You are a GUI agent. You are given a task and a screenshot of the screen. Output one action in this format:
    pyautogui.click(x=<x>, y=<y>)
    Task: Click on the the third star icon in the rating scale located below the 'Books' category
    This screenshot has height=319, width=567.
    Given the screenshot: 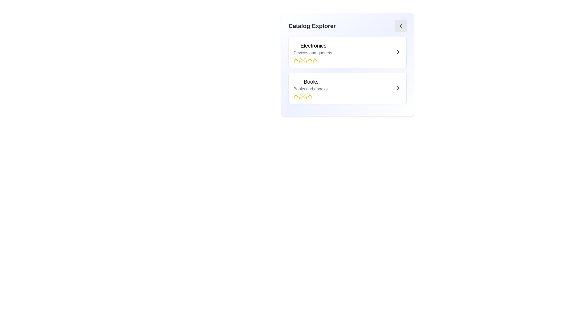 What is the action you would take?
    pyautogui.click(x=300, y=96)
    